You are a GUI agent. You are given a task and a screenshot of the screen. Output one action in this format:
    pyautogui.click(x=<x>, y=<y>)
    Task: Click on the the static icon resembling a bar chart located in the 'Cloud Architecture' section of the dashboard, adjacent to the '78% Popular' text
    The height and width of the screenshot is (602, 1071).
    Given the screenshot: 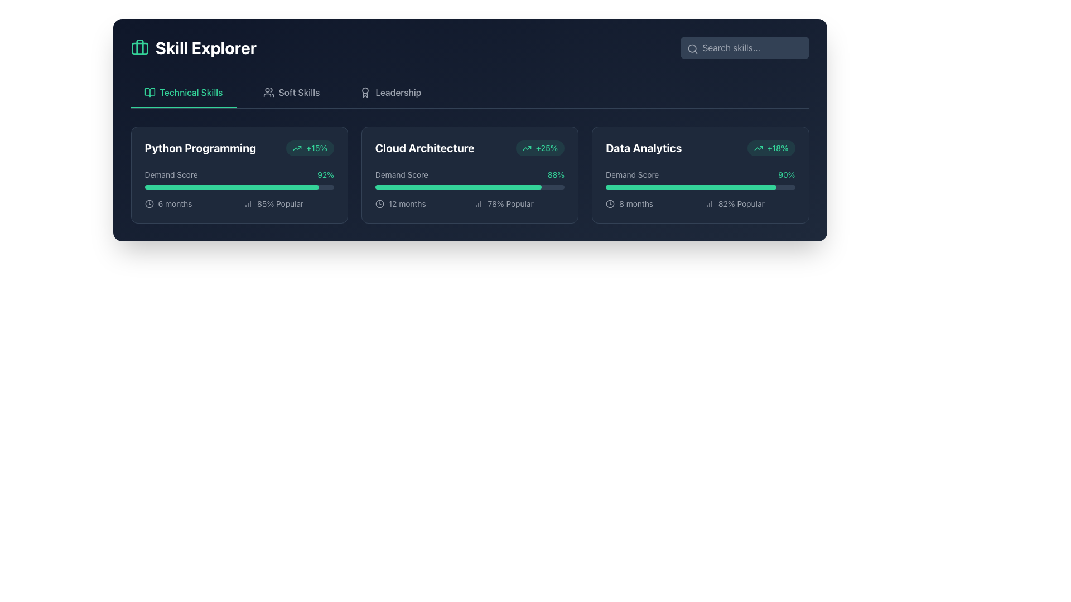 What is the action you would take?
    pyautogui.click(x=479, y=204)
    